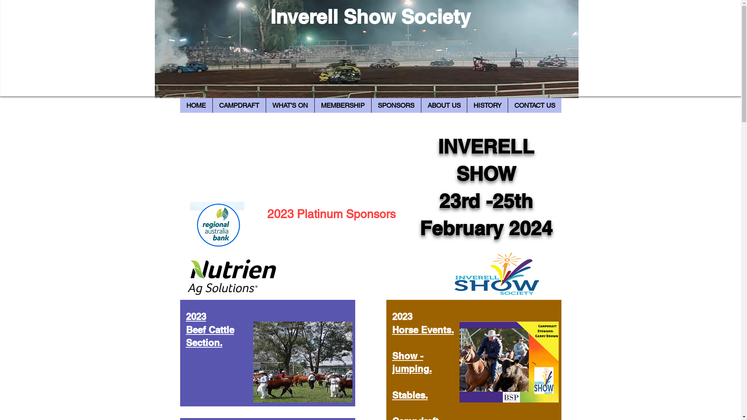 The height and width of the screenshot is (420, 747). What do you see at coordinates (371, 105) in the screenshot?
I see `'SPONSORS'` at bounding box center [371, 105].